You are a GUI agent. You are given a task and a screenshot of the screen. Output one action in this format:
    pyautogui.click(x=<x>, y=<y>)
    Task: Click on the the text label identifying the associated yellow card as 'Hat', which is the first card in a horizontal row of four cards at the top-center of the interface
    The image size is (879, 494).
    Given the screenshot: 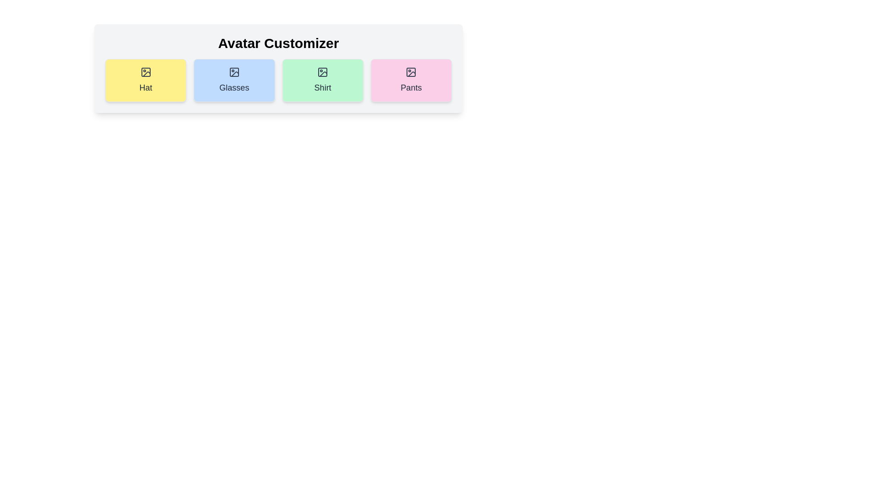 What is the action you would take?
    pyautogui.click(x=145, y=88)
    